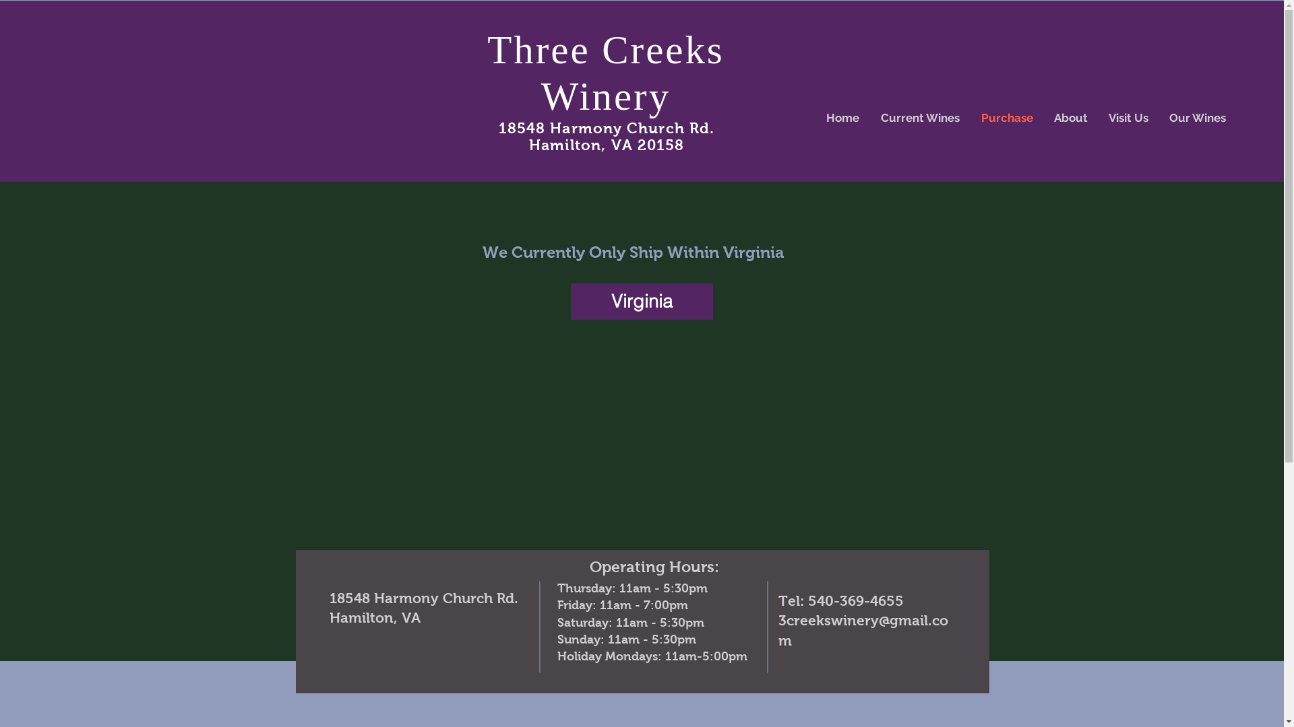  I want to click on '18548 Harmony Church Rd. Hamilton, VA 20158', so click(606, 137).